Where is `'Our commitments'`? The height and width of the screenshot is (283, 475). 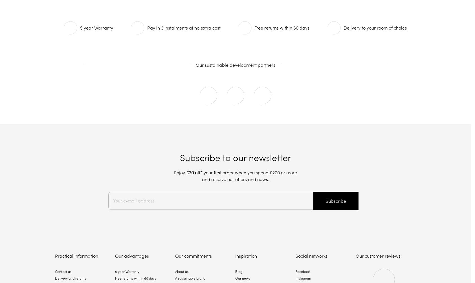
'Our commitments' is located at coordinates (193, 256).